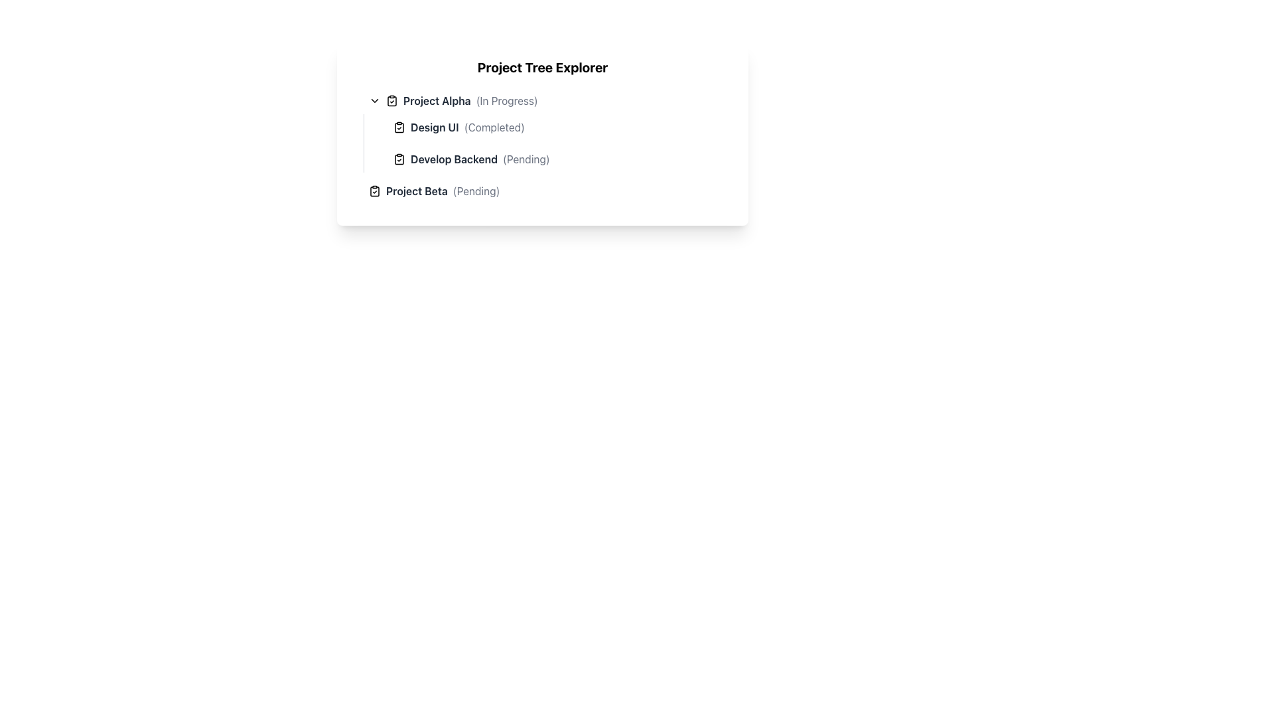 Image resolution: width=1274 pixels, height=717 pixels. Describe the element at coordinates (398, 158) in the screenshot. I see `the clipboard icon with a checkmark, which is the first graphical component to the left of the text 'Develop Backend (Pending)' in the list under 'Project Alpha (In Progress)'` at that location.